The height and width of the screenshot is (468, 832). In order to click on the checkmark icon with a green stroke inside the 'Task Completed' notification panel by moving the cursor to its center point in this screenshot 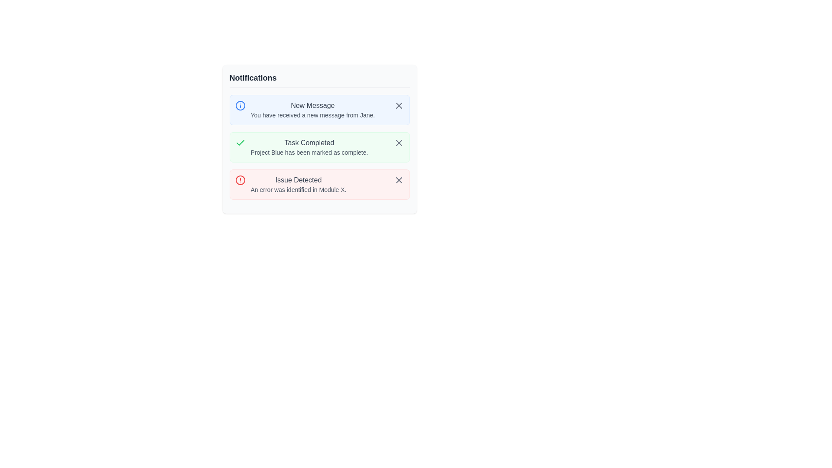, I will do `click(240, 142)`.